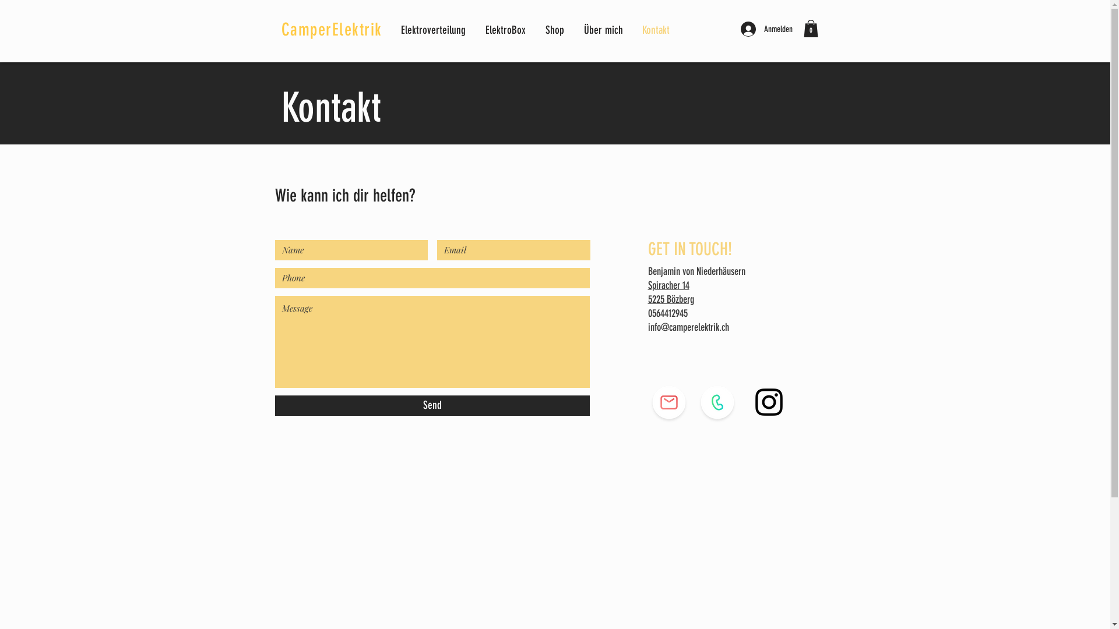 The height and width of the screenshot is (629, 1119). What do you see at coordinates (555, 29) in the screenshot?
I see `'Shop'` at bounding box center [555, 29].